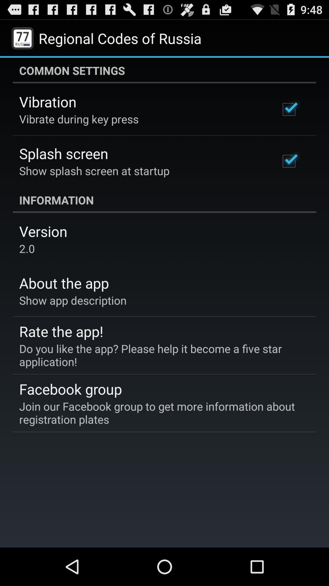 The height and width of the screenshot is (586, 329). I want to click on show app description, so click(73, 300).